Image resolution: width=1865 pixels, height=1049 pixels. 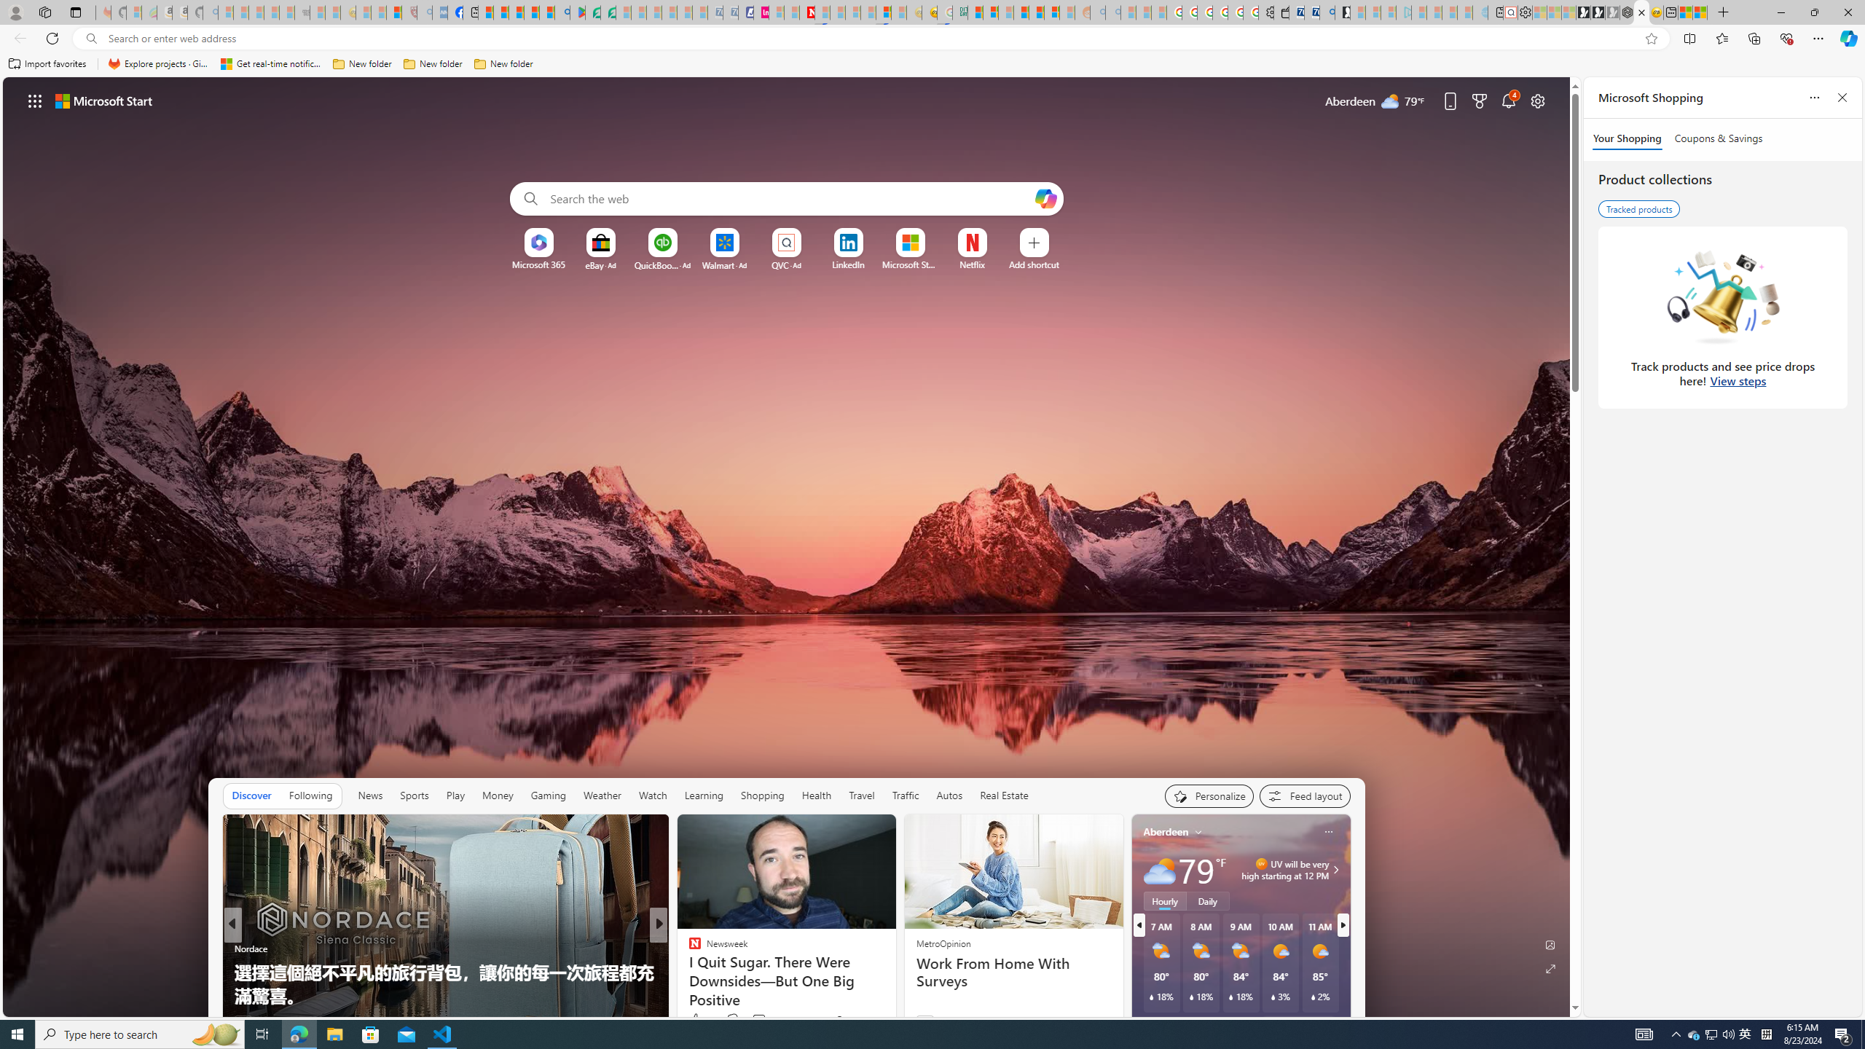 I want to click on 'Expert Portfolios', so click(x=1021, y=12).